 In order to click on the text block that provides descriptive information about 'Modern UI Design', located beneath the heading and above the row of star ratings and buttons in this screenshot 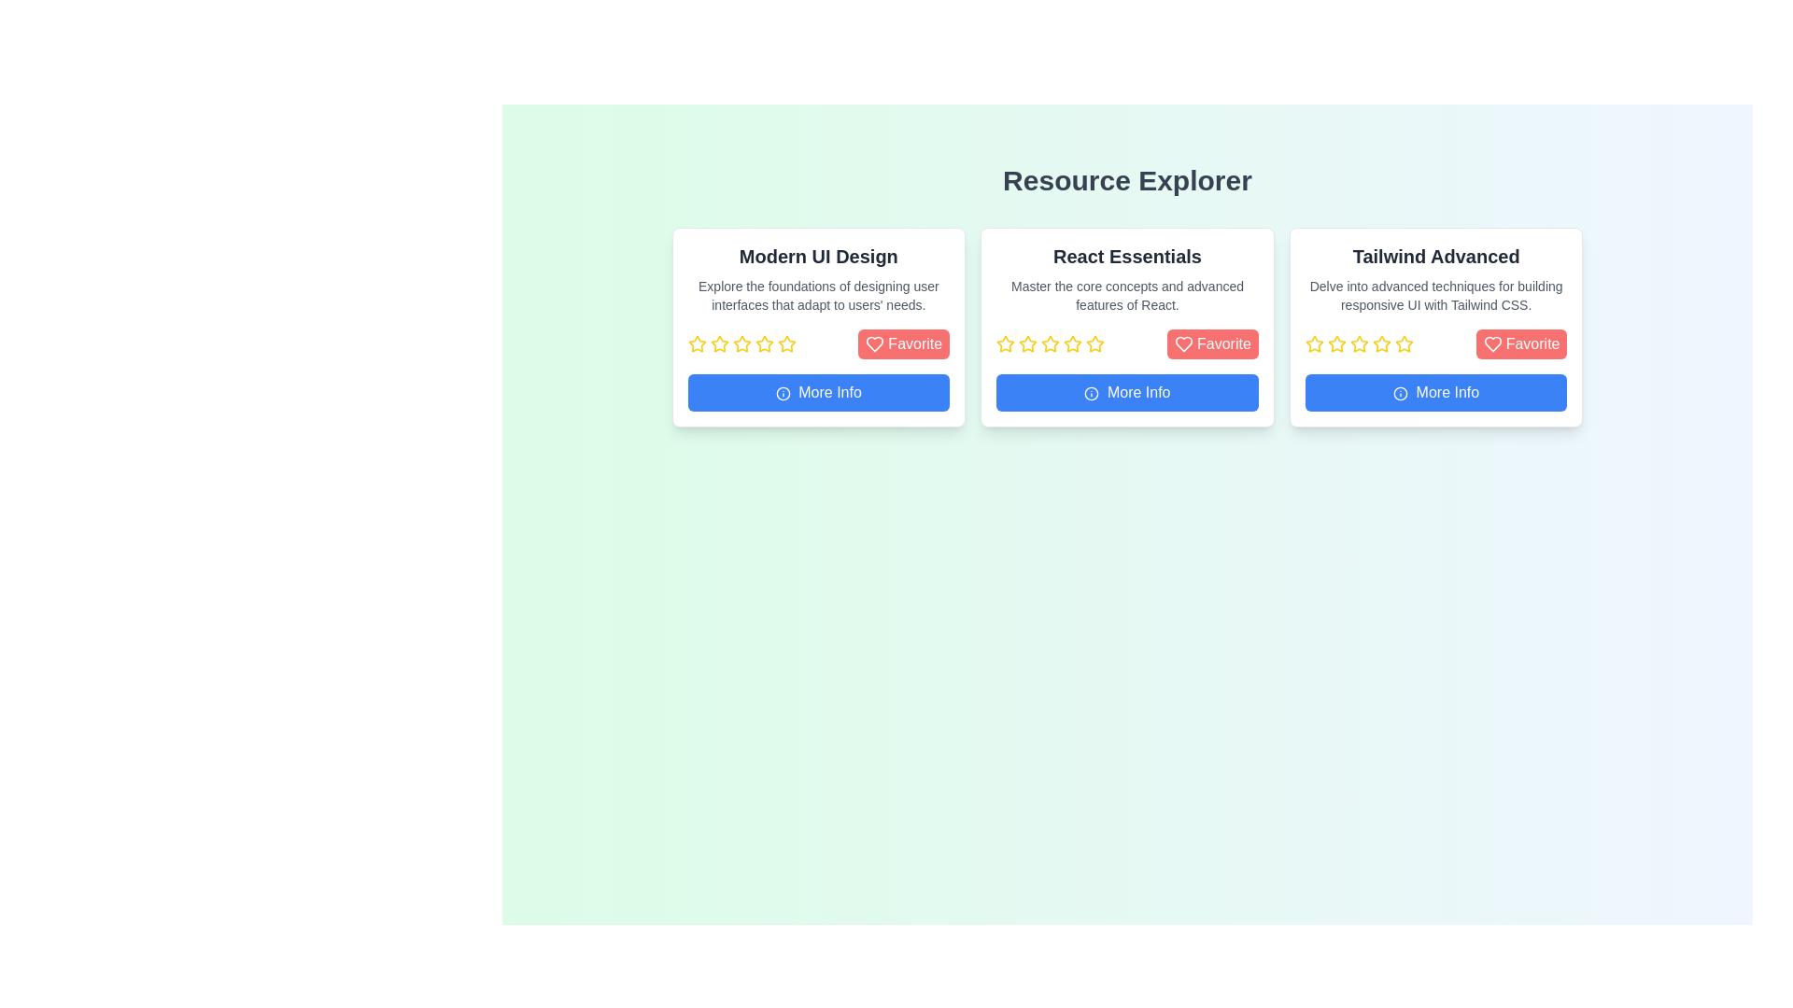, I will do `click(818, 294)`.